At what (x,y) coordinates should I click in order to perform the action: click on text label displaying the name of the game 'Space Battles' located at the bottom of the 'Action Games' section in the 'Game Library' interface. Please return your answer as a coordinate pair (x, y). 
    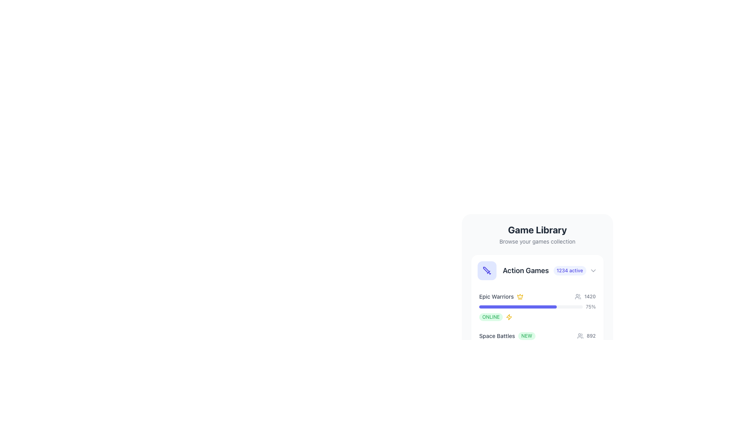
    Looking at the image, I should click on (497, 336).